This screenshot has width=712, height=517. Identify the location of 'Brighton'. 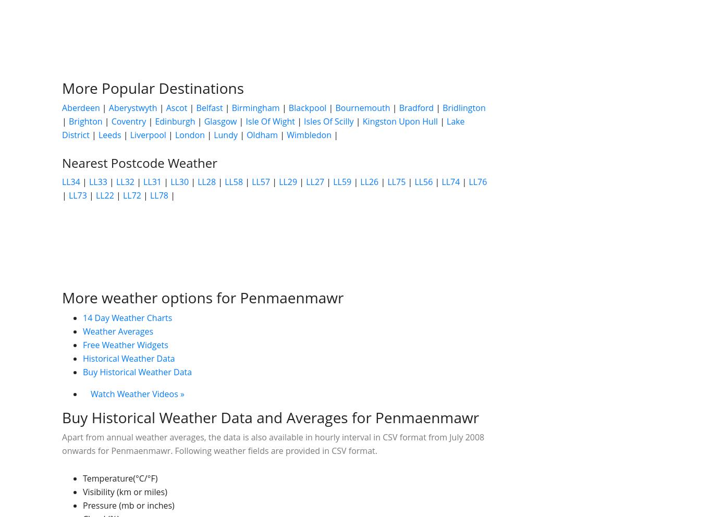
(67, 121).